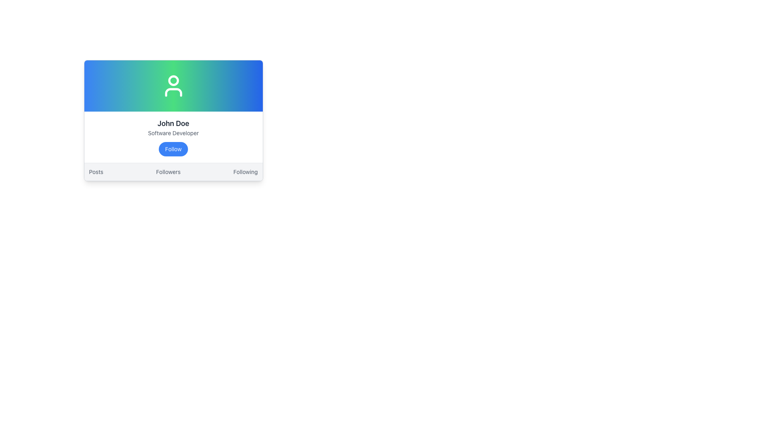 Image resolution: width=768 pixels, height=432 pixels. Describe the element at coordinates (173, 149) in the screenshot. I see `the 'Follow' button, which is a rounded rectangle with a blue background located below the 'Software Developer' text in the centered card layout` at that location.